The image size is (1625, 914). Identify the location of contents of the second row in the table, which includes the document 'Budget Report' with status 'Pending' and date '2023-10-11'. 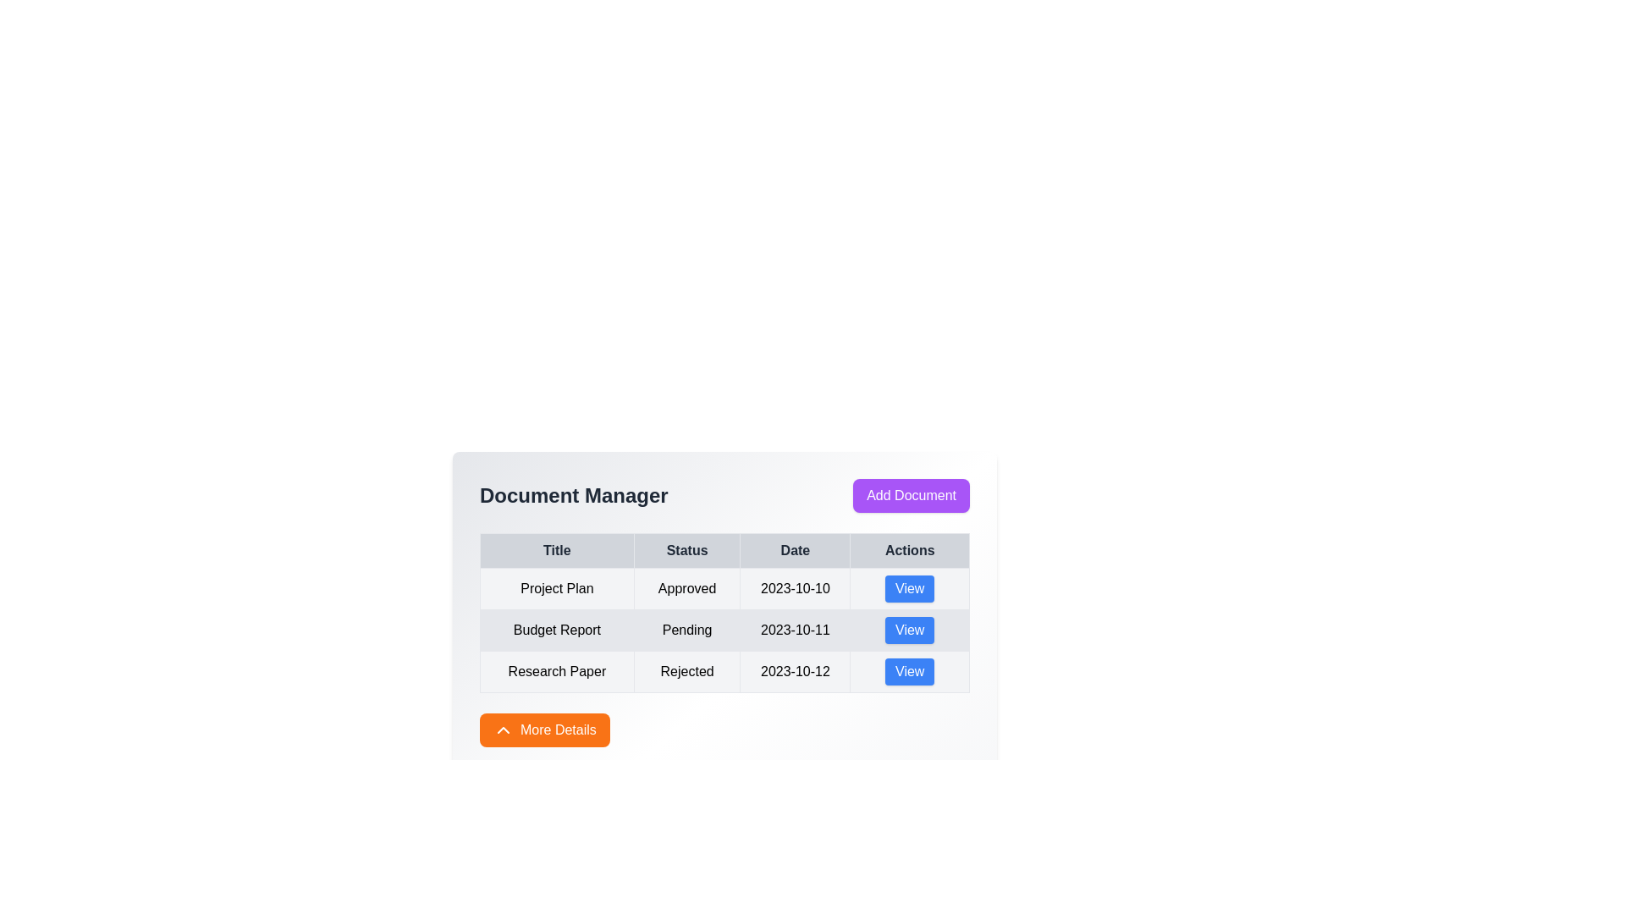
(724, 630).